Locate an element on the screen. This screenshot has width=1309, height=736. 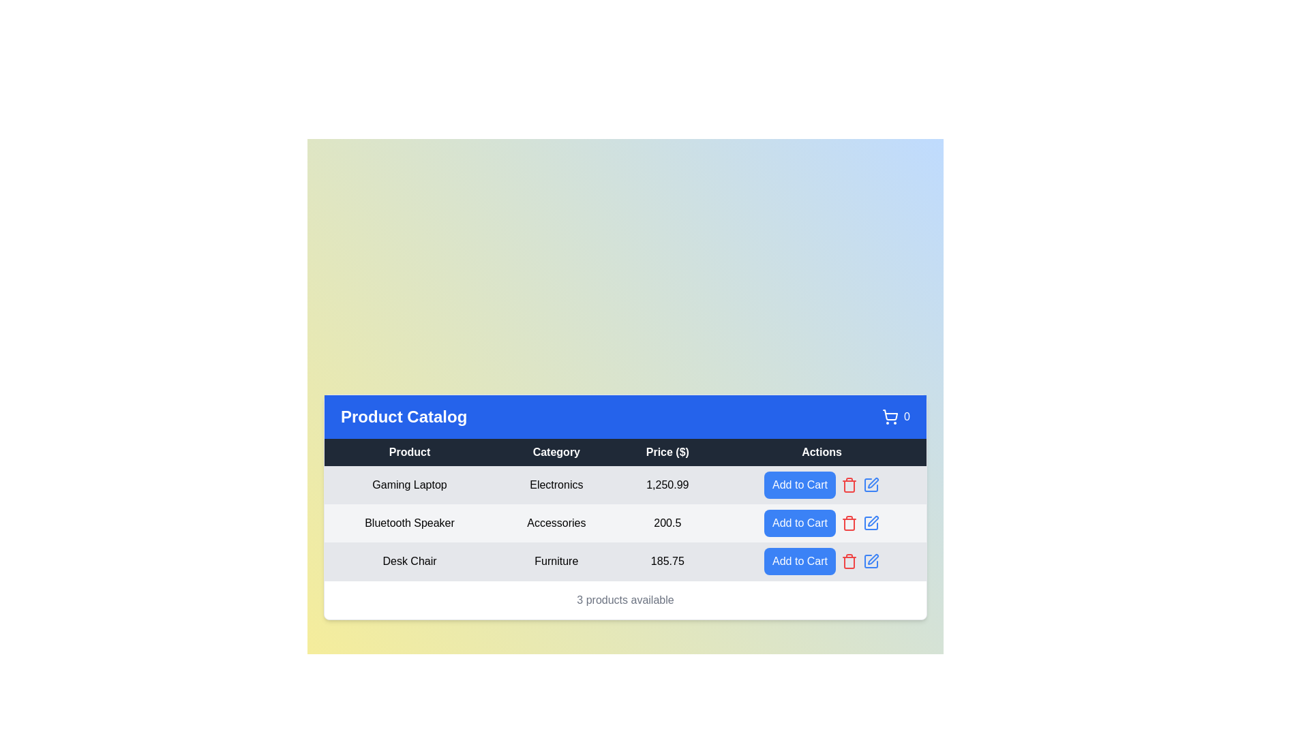
the 'Add to Cart' button, which is the first button in the group of interactive elements for the 'Furniture' row in the product table. It has a blue background and white text is located at coordinates (800, 561).